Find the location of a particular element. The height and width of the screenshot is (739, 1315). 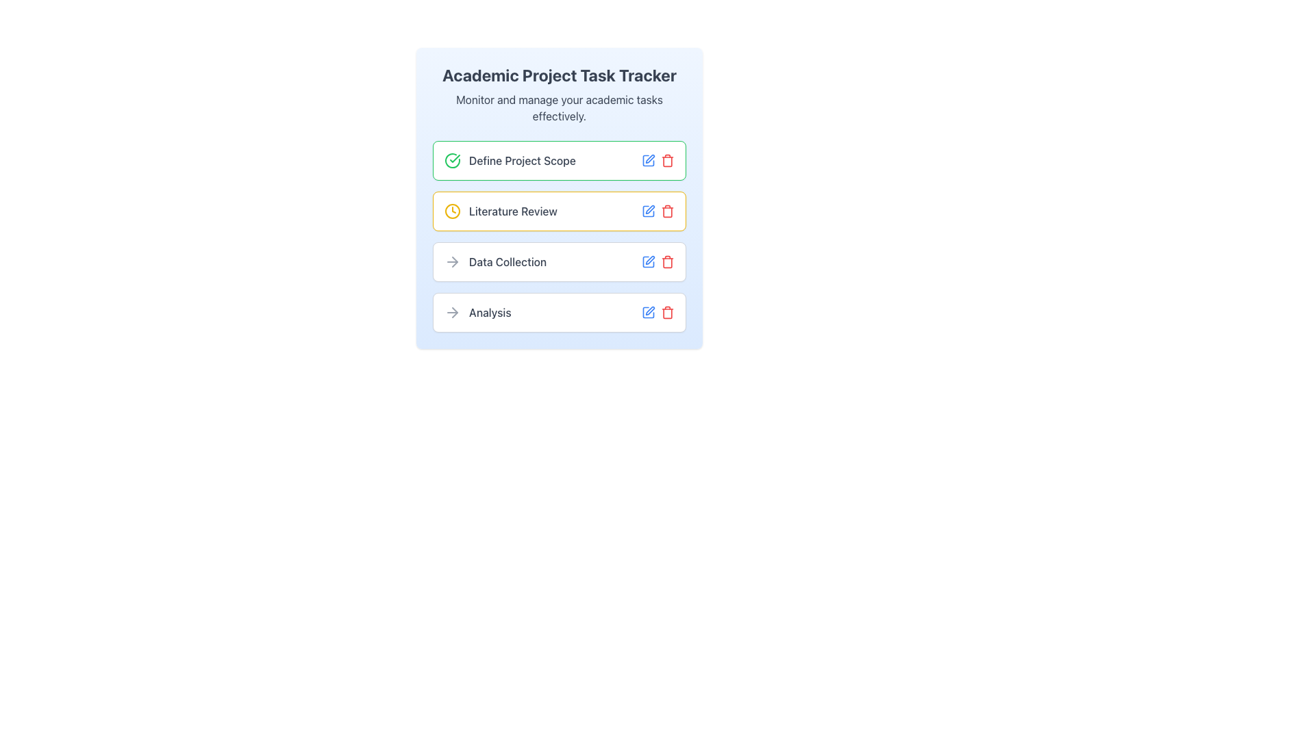

the edit icon button for the task 'Define Project Scope', located in the first row of the task list is located at coordinates (647, 160).